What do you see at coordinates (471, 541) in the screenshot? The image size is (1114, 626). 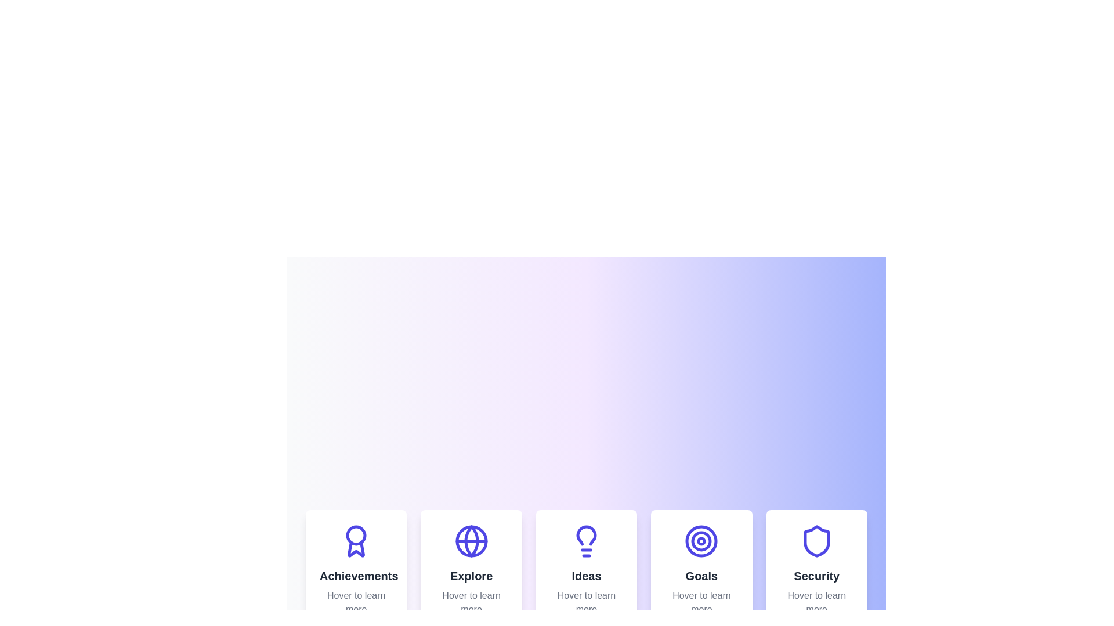 I see `the circular outline resembling a globe, which is centrally placed within the 'Explore' interface card` at bounding box center [471, 541].